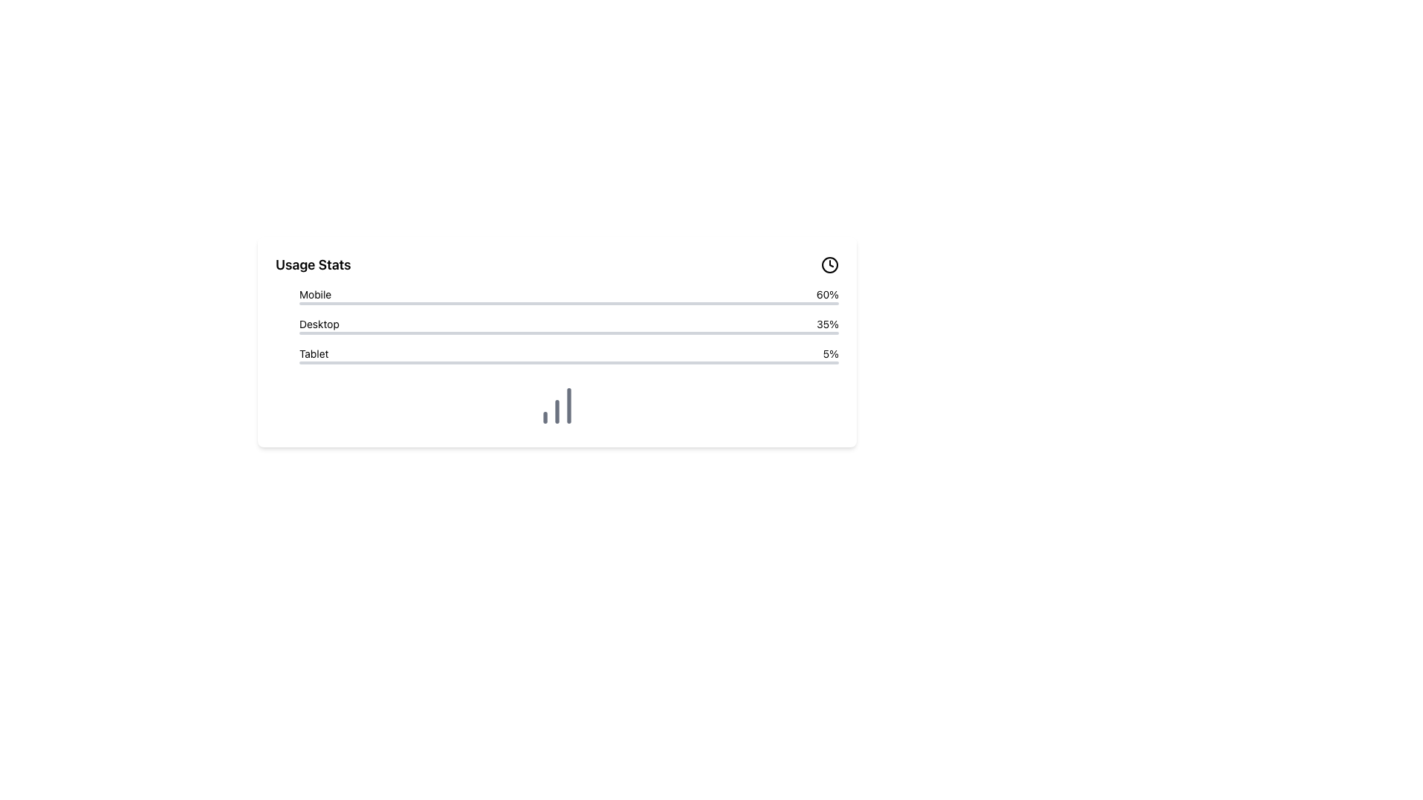 The image size is (1423, 800). What do you see at coordinates (314, 294) in the screenshot?
I see `the descriptive label for the 'Mobile' category in the usage statistics table, located in the topmost row under the header 'Usage Stats'` at bounding box center [314, 294].